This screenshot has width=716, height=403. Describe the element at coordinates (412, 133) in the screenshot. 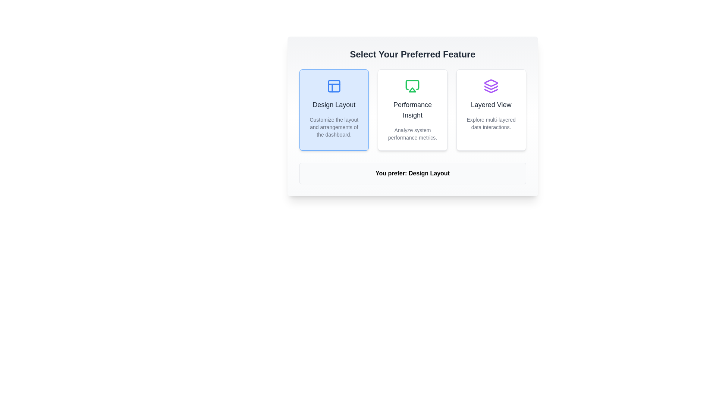

I see `the descriptive text label located below the 'Performance Insight' title within the center column of the layout` at that location.